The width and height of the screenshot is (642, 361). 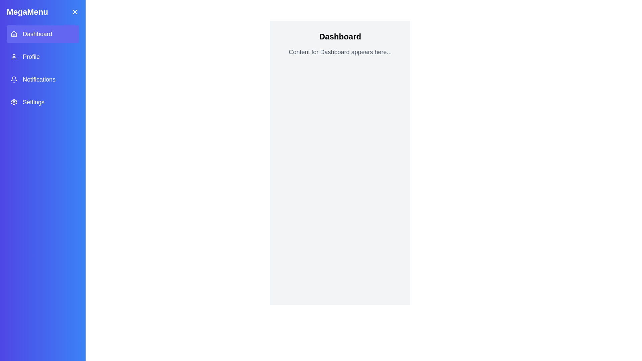 What do you see at coordinates (27, 12) in the screenshot?
I see `the 'MegaMenu' text label` at bounding box center [27, 12].